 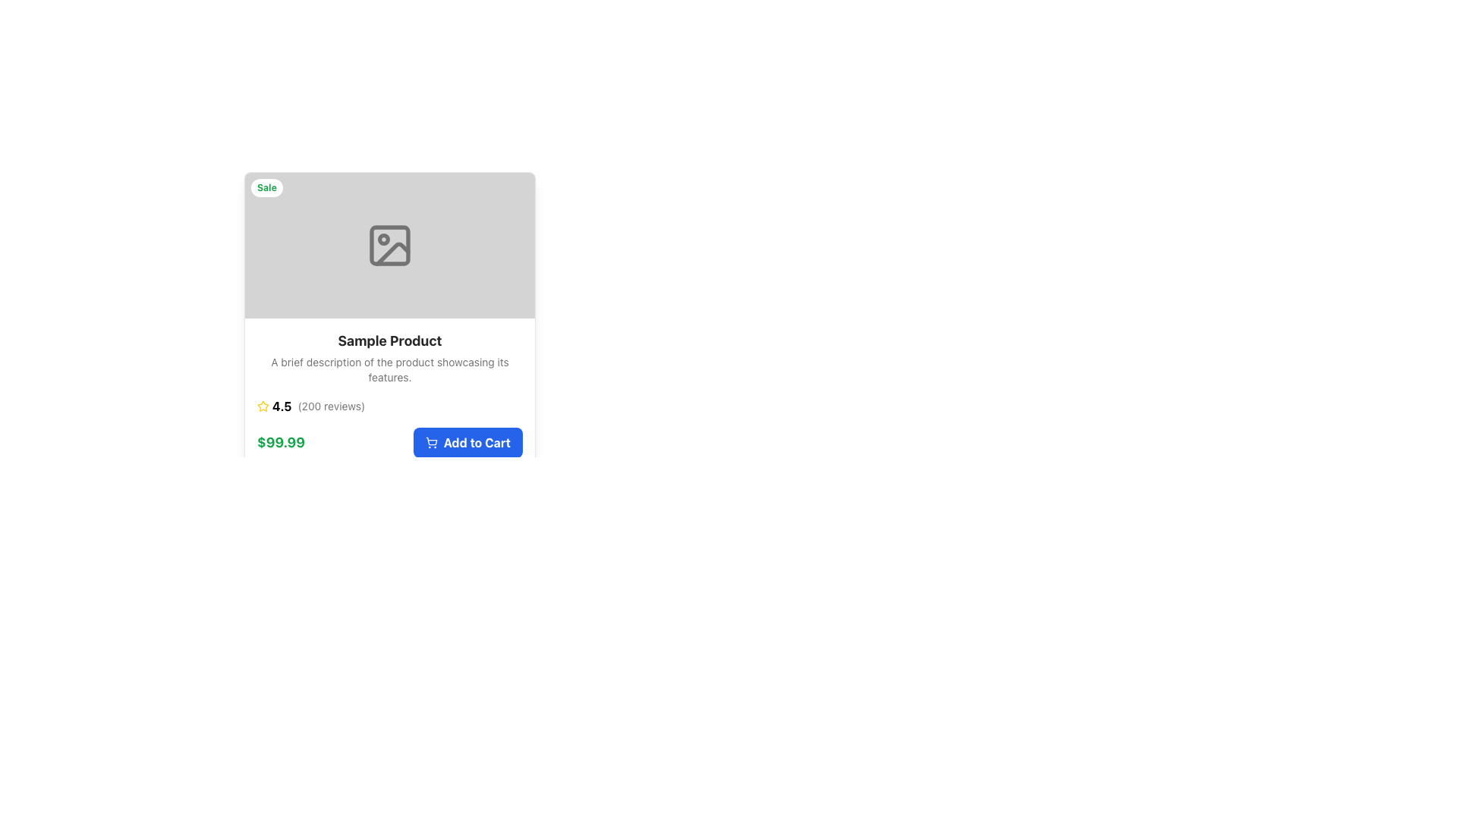 What do you see at coordinates (281, 442) in the screenshot?
I see `the text label displaying '$99.99' in bold green font, which is positioned to the left of the 'Add to Cart' button` at bounding box center [281, 442].